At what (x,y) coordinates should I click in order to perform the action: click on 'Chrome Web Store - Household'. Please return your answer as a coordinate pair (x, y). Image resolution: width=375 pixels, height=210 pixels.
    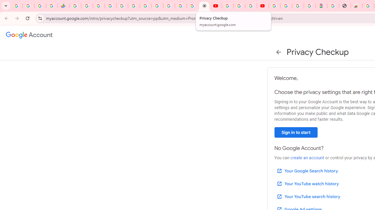
    Looking at the image, I should click on (356, 6).